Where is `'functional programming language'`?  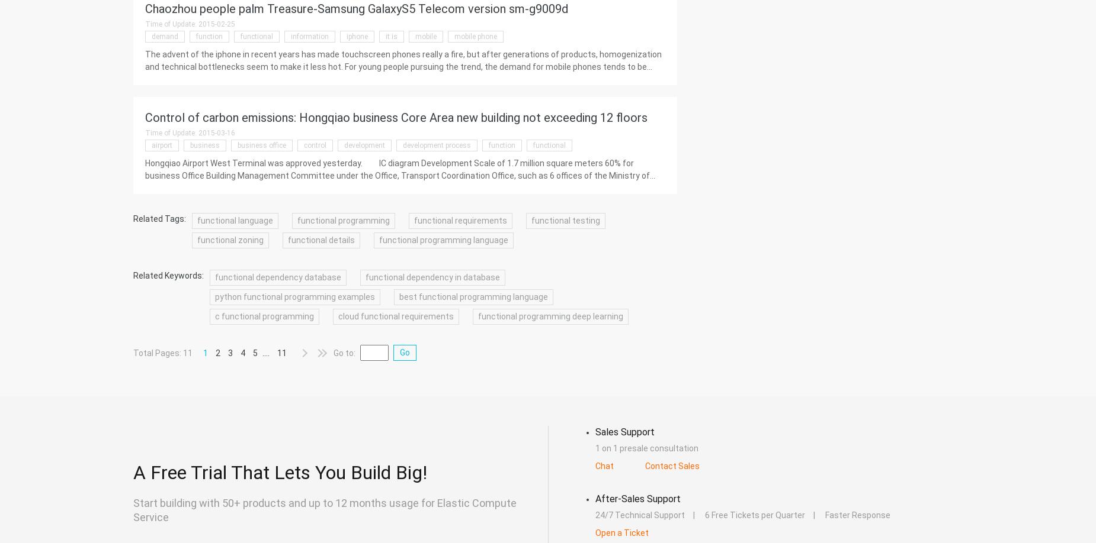 'functional programming language' is located at coordinates (379, 240).